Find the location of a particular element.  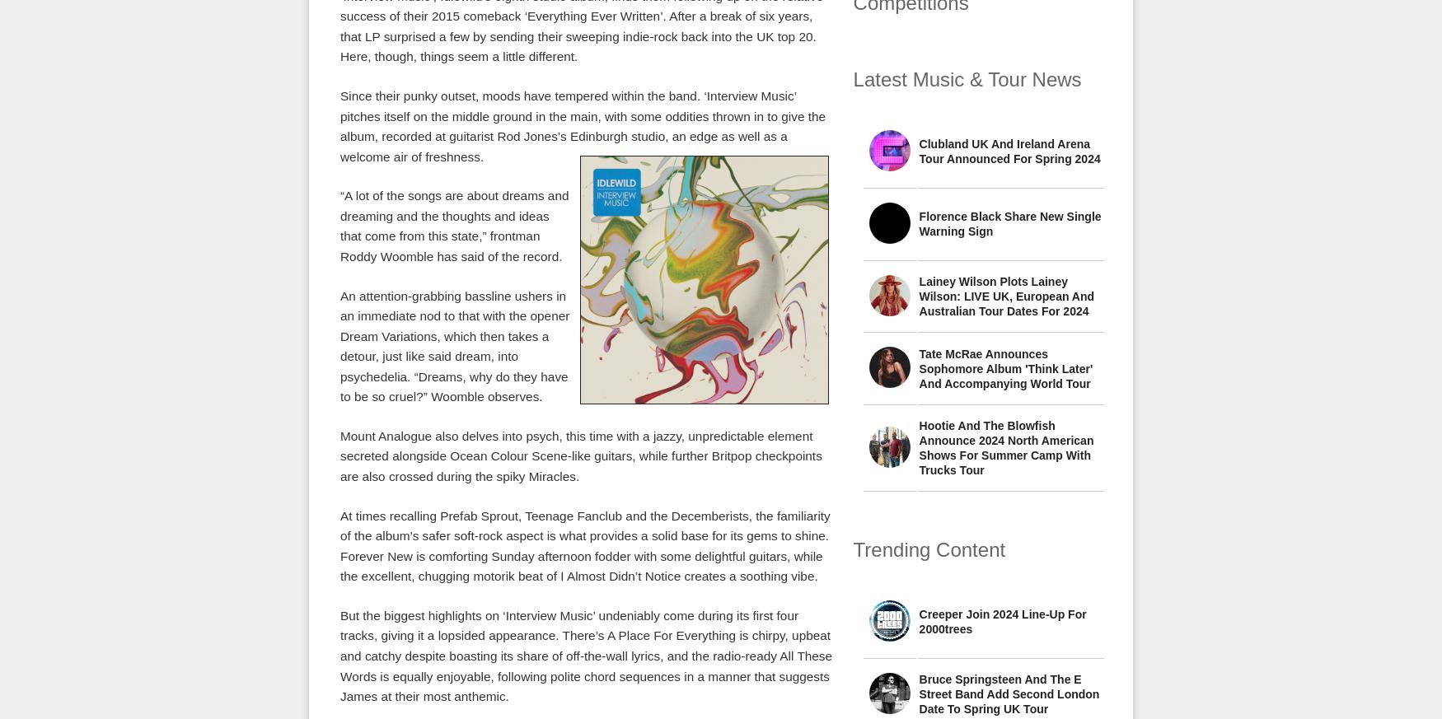

'Clubland UK And Ireland Arena Tour Announced For Spring 2024' is located at coordinates (1009, 151).